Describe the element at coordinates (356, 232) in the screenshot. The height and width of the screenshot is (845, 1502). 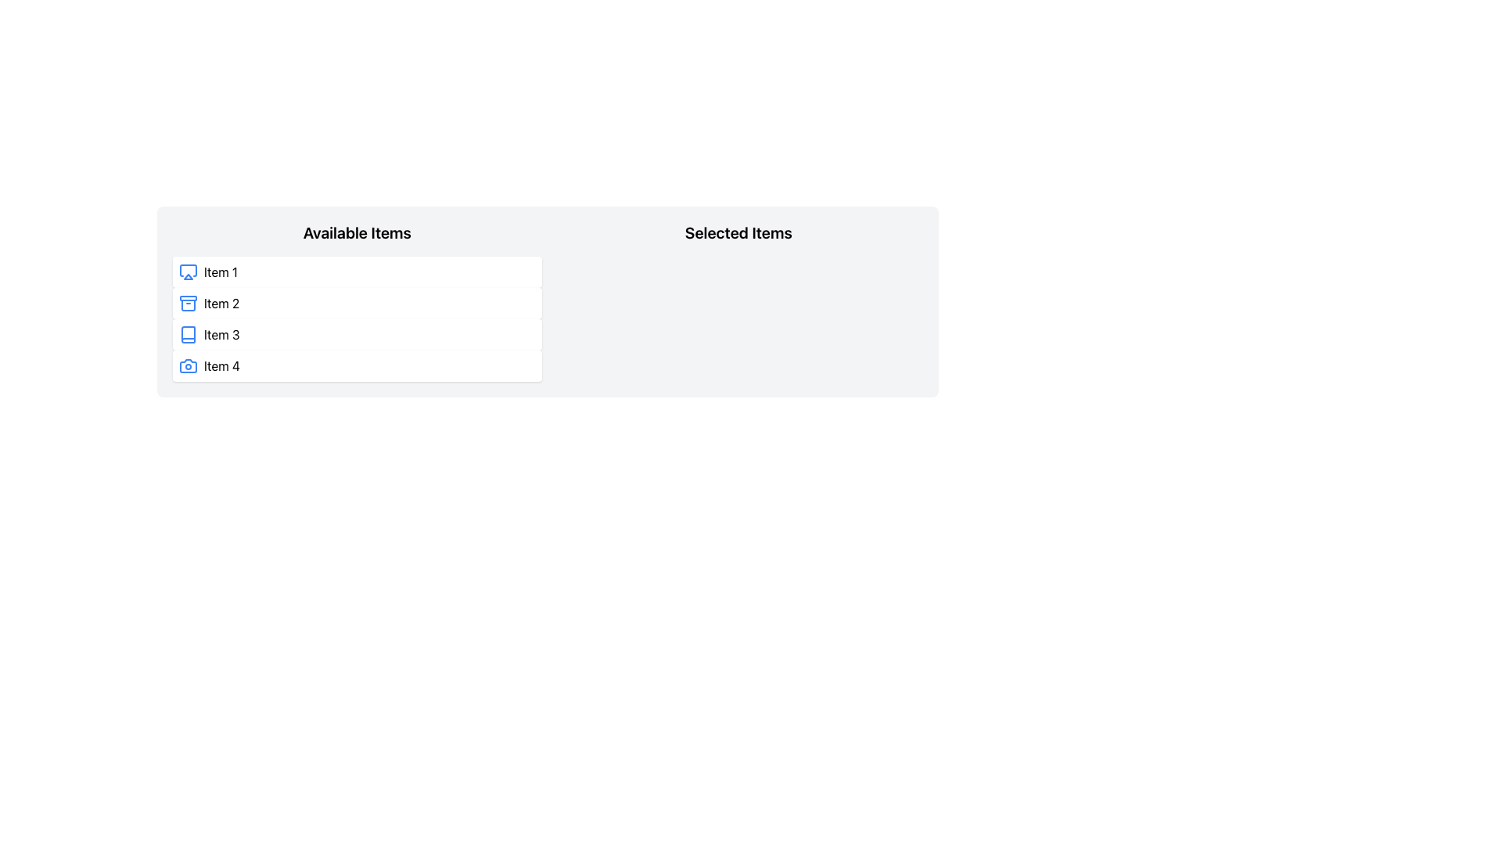
I see `the bold heading labeled 'Available Items' which is positioned at the top of a section presenting a list of selectable items` at that location.